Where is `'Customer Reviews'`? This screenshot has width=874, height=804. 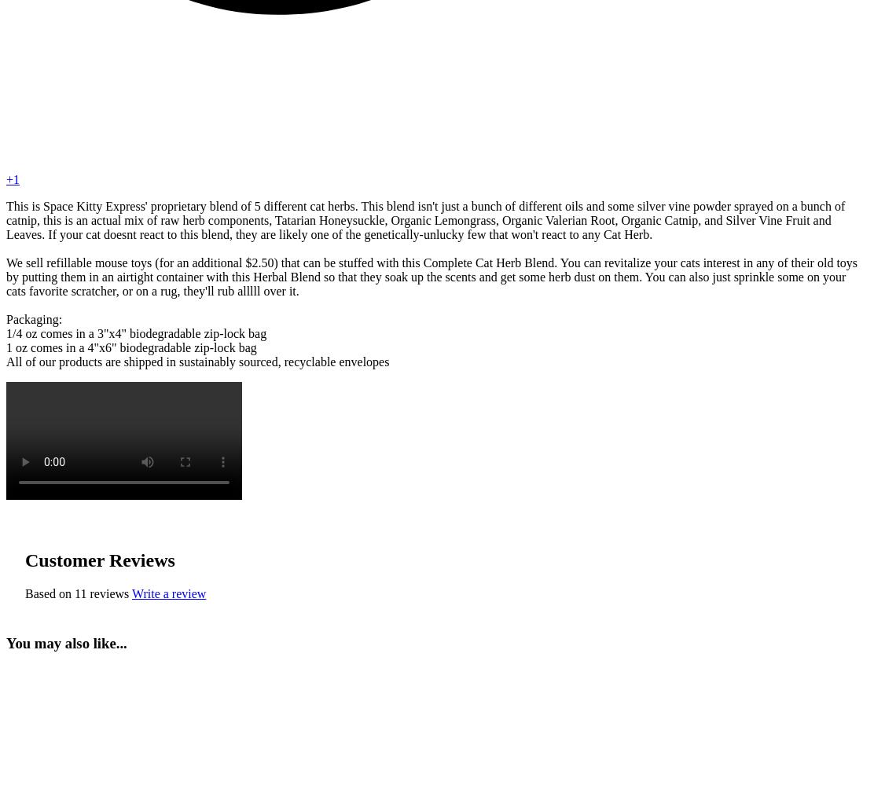 'Customer Reviews' is located at coordinates (25, 560).